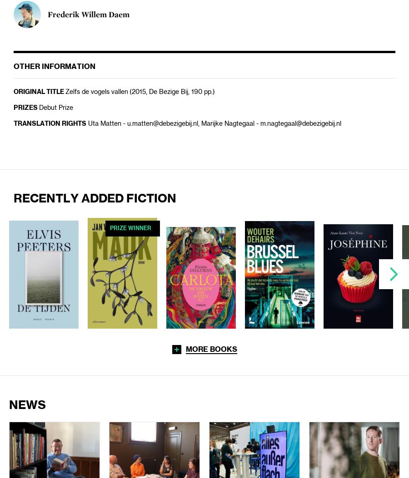 This screenshot has height=478, width=409. What do you see at coordinates (210, 349) in the screenshot?
I see `'More books'` at bounding box center [210, 349].